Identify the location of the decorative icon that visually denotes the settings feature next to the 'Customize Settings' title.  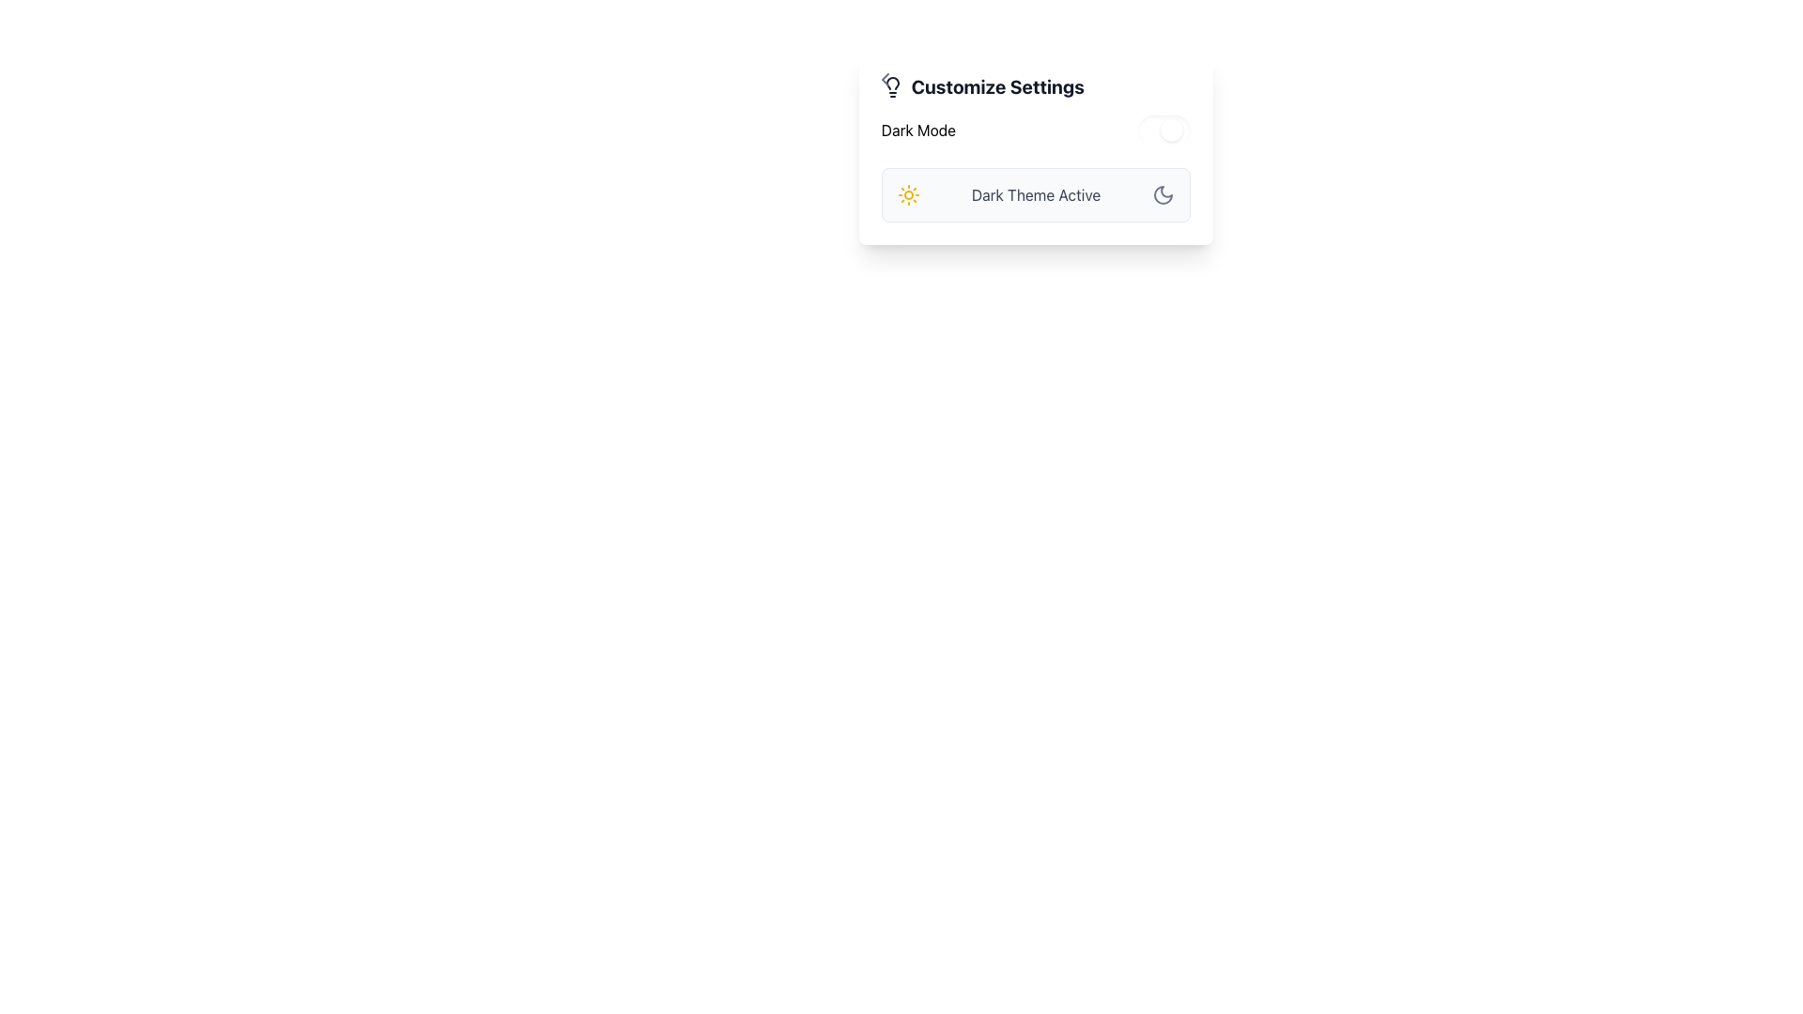
(891, 86).